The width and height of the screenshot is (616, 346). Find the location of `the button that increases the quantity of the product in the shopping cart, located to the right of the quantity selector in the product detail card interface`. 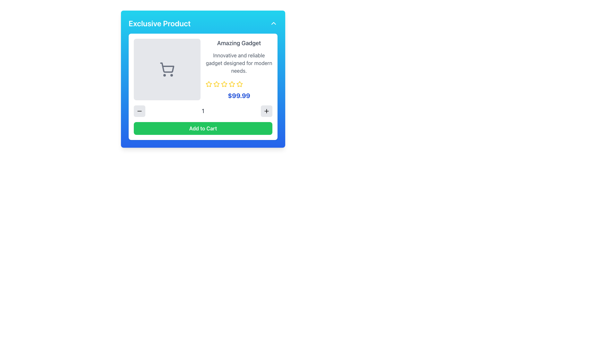

the button that increases the quantity of the product in the shopping cart, located to the right of the quantity selector in the product detail card interface is located at coordinates (266, 111).